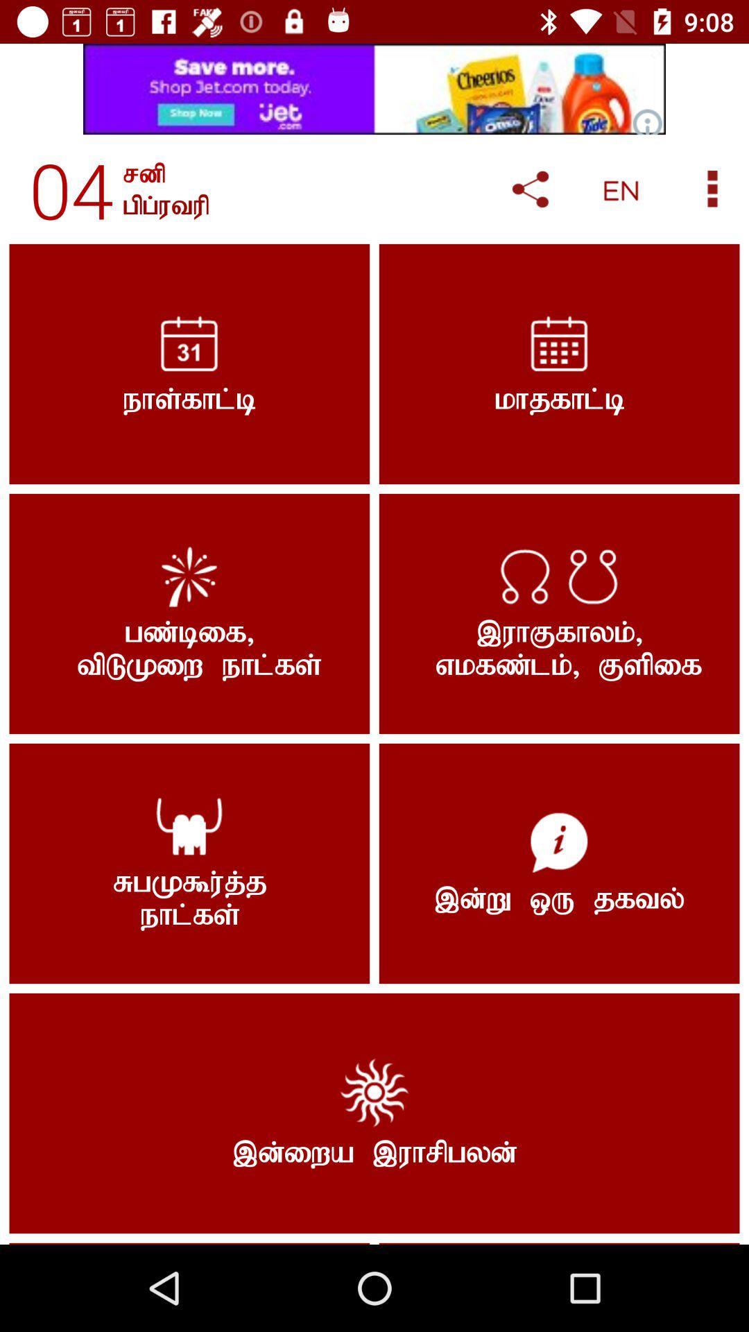 This screenshot has width=749, height=1332. Describe the element at coordinates (712, 188) in the screenshot. I see `the more icon` at that location.